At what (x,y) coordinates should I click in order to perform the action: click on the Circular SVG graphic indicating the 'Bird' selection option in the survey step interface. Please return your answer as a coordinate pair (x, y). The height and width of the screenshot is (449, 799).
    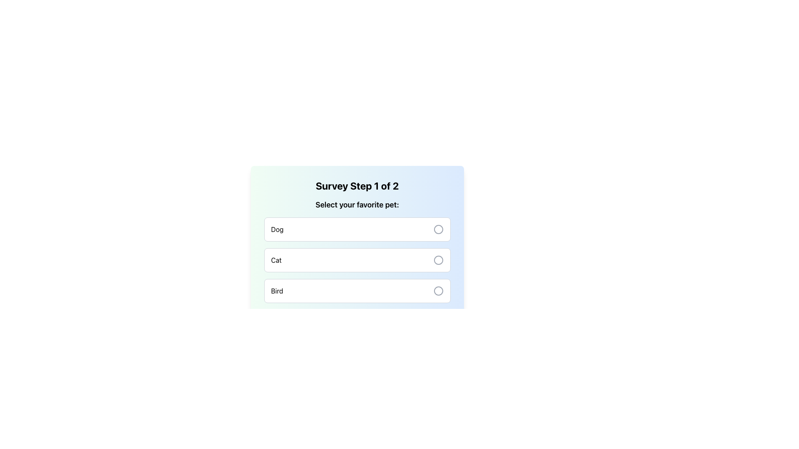
    Looking at the image, I should click on (438, 290).